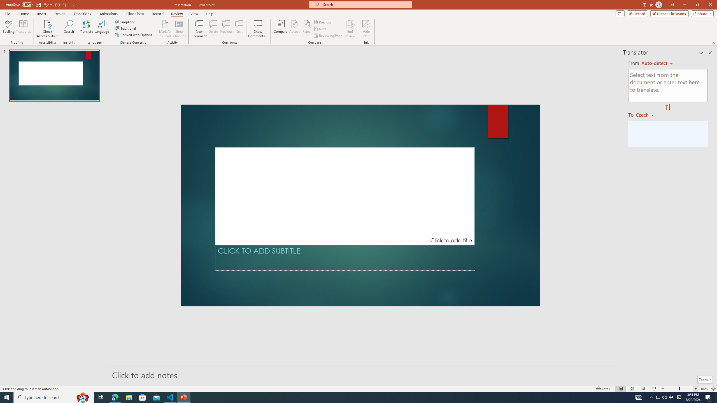  I want to click on 'Slide Sorter', so click(631, 389).